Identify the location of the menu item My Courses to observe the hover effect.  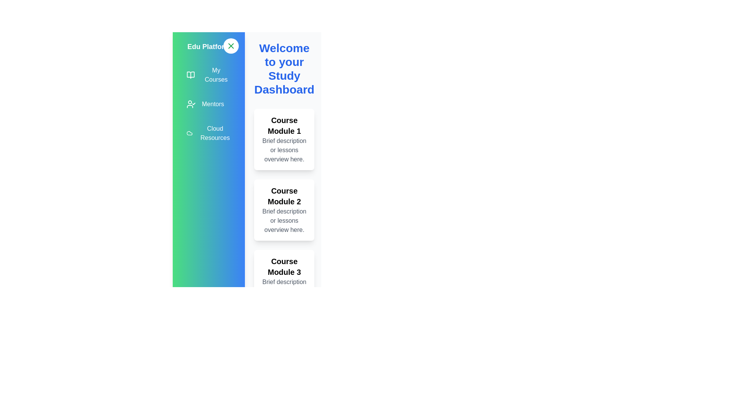
(208, 75).